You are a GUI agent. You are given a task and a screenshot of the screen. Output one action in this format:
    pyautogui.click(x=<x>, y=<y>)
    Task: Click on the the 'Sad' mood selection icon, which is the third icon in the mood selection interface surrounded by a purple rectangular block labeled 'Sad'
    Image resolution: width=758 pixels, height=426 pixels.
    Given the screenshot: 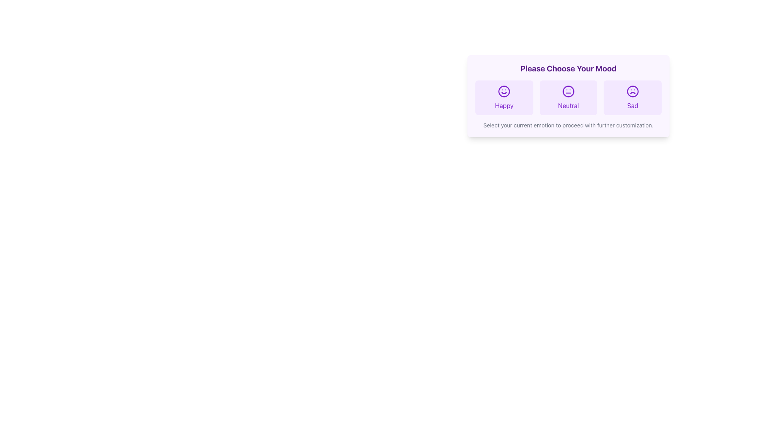 What is the action you would take?
    pyautogui.click(x=632, y=91)
    